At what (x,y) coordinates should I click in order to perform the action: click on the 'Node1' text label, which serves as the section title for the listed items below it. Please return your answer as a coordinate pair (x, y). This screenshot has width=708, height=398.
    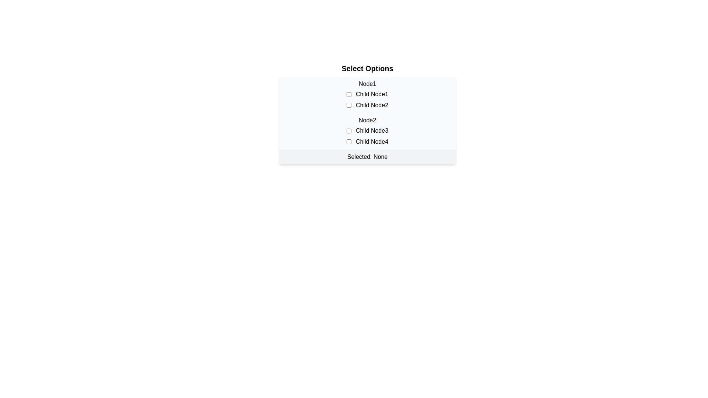
    Looking at the image, I should click on (367, 83).